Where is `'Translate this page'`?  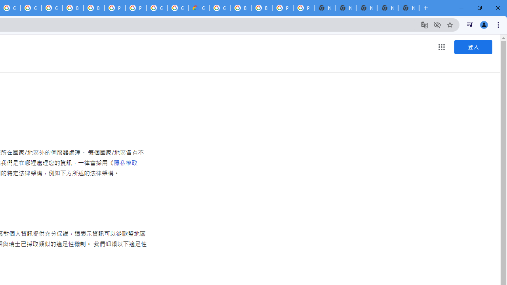 'Translate this page' is located at coordinates (424, 24).